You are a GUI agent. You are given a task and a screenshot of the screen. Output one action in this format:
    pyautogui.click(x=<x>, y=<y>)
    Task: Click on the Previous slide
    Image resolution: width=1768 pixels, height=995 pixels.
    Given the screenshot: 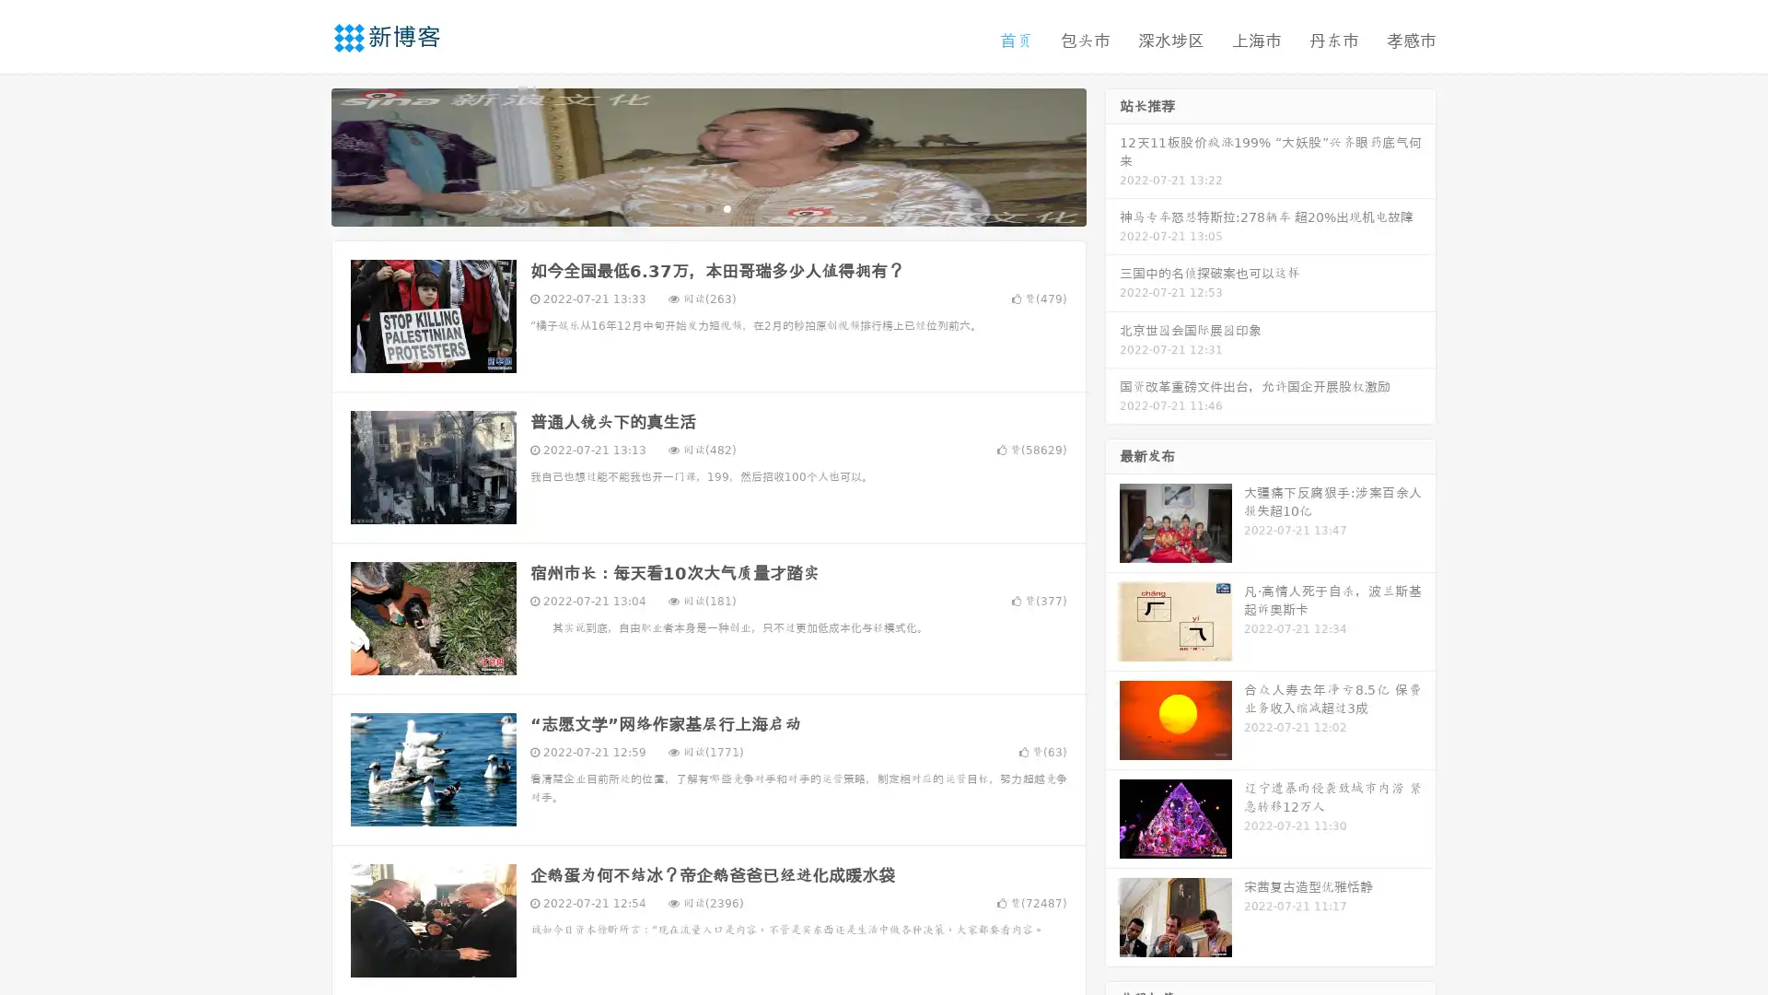 What is the action you would take?
    pyautogui.click(x=304, y=155)
    